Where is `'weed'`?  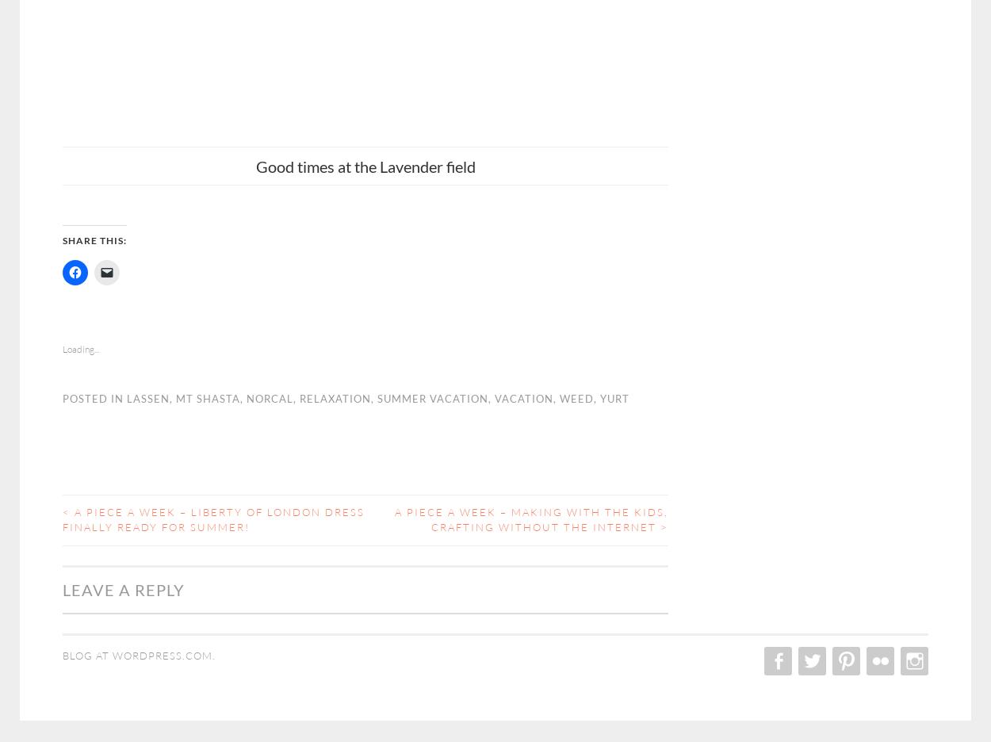
'weed' is located at coordinates (576, 396).